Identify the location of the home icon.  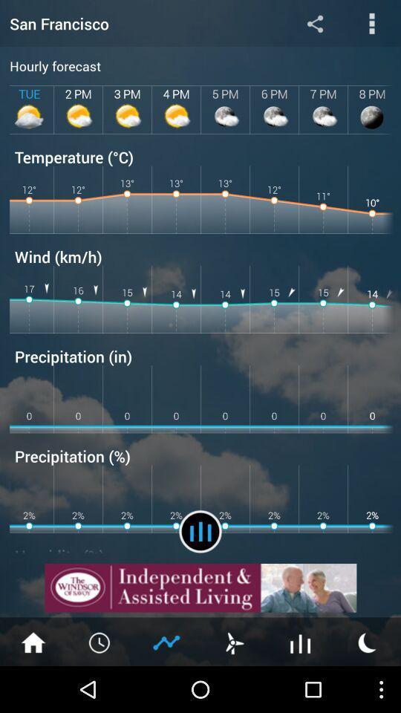
(33, 687).